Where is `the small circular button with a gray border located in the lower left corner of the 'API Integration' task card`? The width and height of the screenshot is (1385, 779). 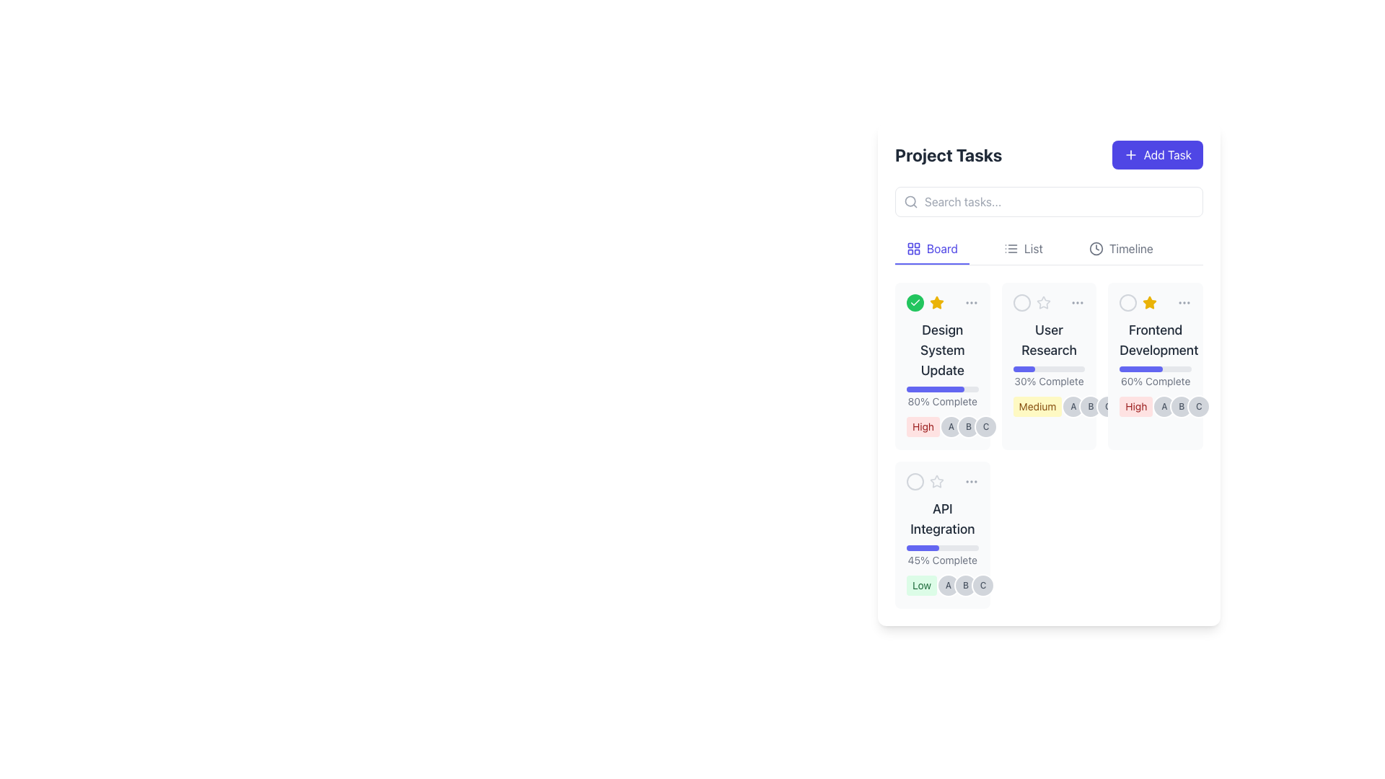 the small circular button with a gray border located in the lower left corner of the 'API Integration' task card is located at coordinates (914, 481).